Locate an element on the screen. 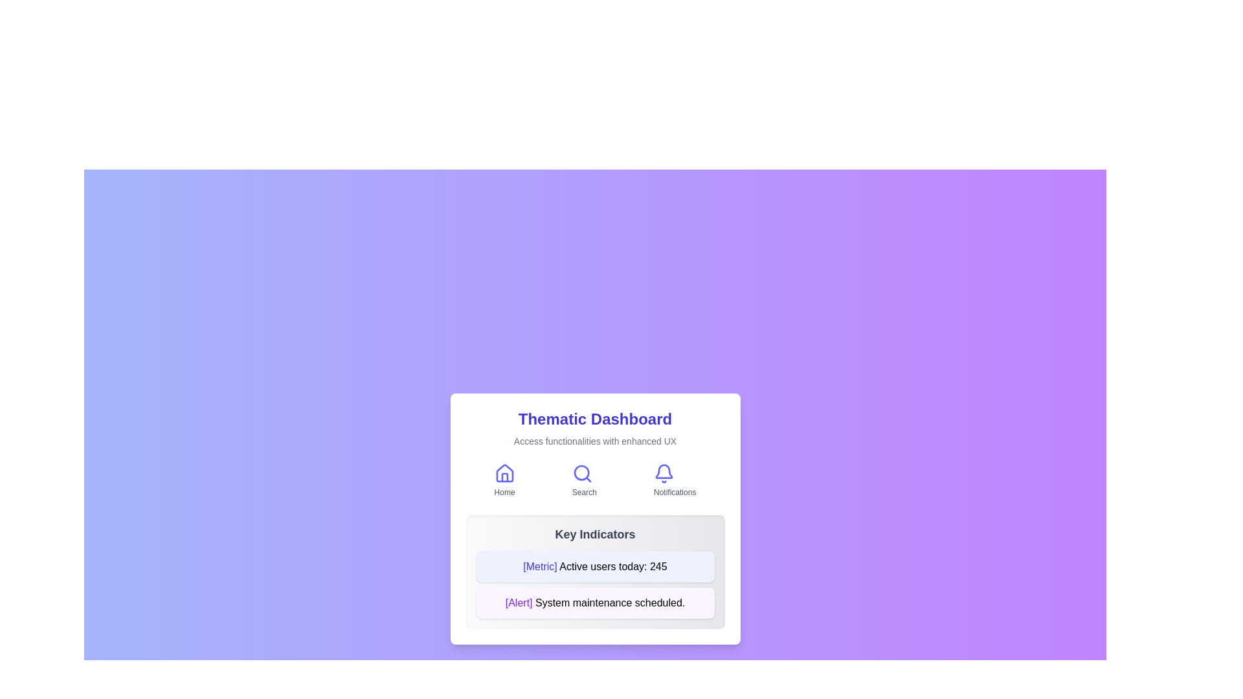 Image resolution: width=1243 pixels, height=699 pixels. the 'Search' icon located in the middle of a horizontal group of three icons to initiate the search functionality is located at coordinates (581, 474).